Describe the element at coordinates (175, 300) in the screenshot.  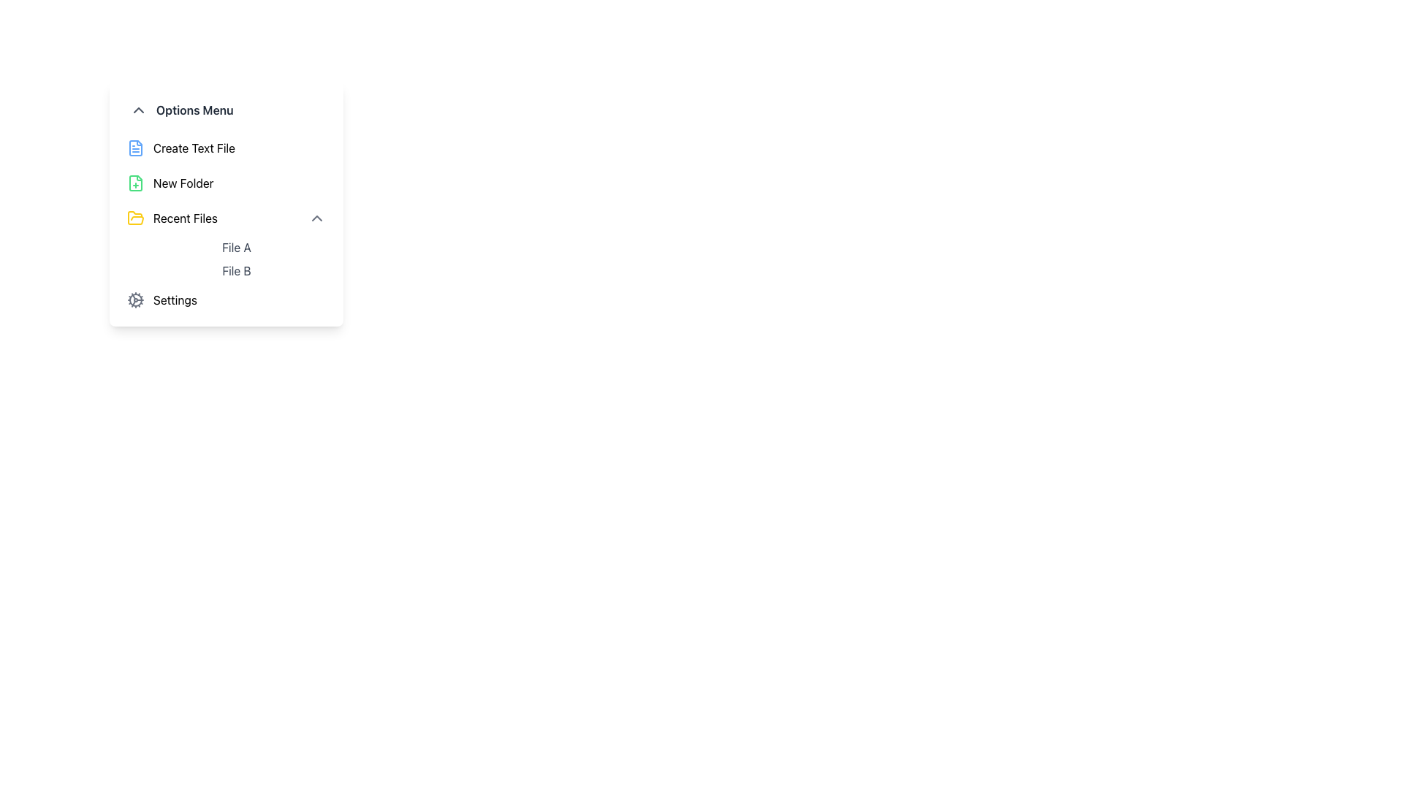
I see `the 'Settings' text label, which is the last item in the 'Options Menu' list` at that location.